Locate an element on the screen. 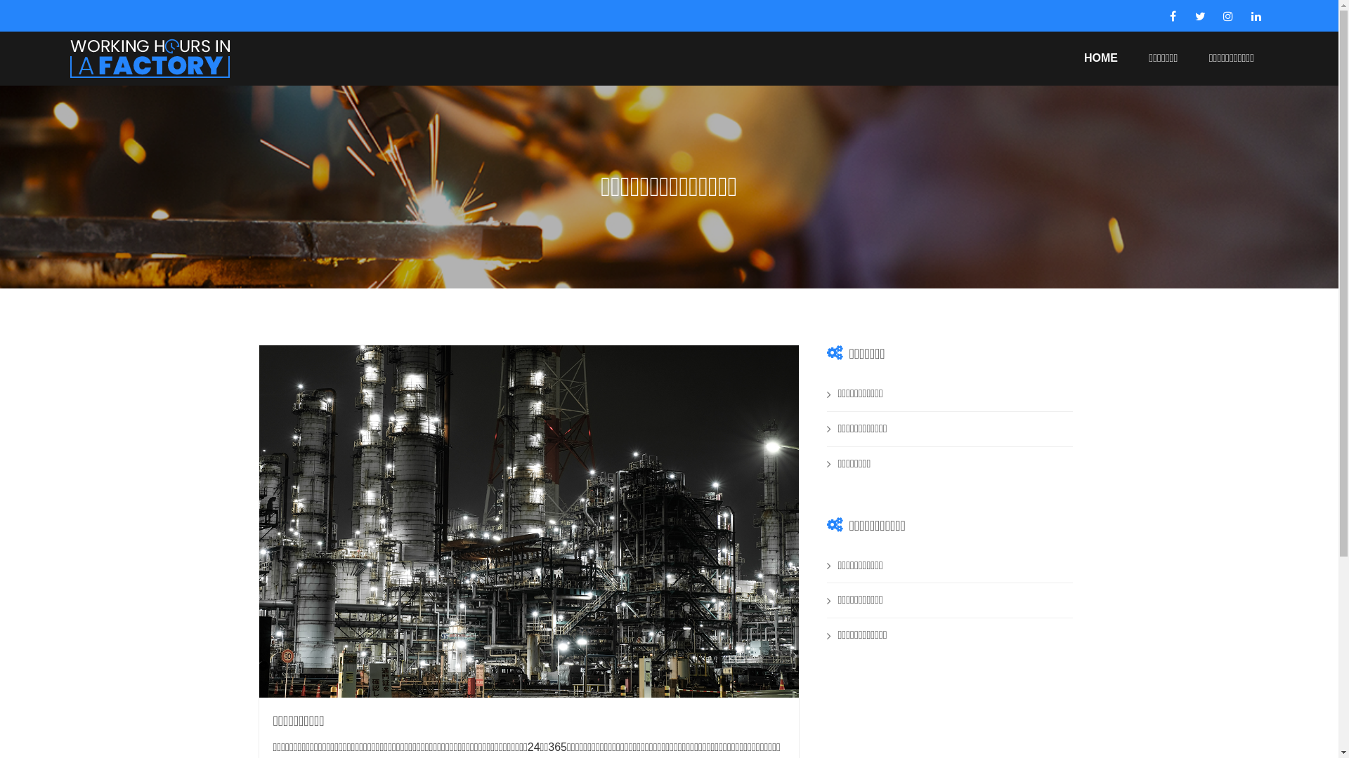  'HOME' is located at coordinates (1100, 57).